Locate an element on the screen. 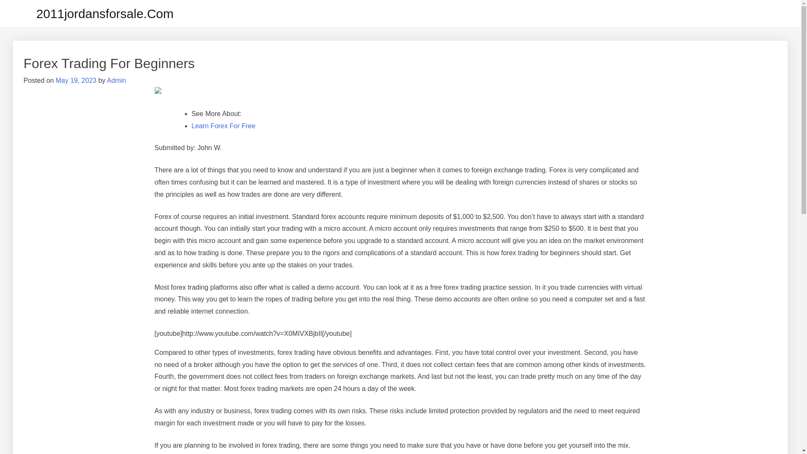  'Admin' is located at coordinates (116, 80).